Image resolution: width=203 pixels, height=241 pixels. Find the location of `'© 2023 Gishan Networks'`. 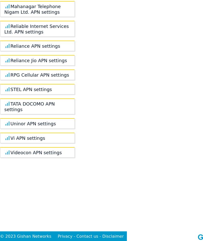

'© 2023 Gishan Networks' is located at coordinates (0, 236).